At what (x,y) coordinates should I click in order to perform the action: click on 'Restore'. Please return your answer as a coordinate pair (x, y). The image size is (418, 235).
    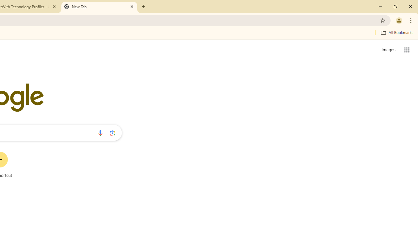
    Looking at the image, I should click on (395, 7).